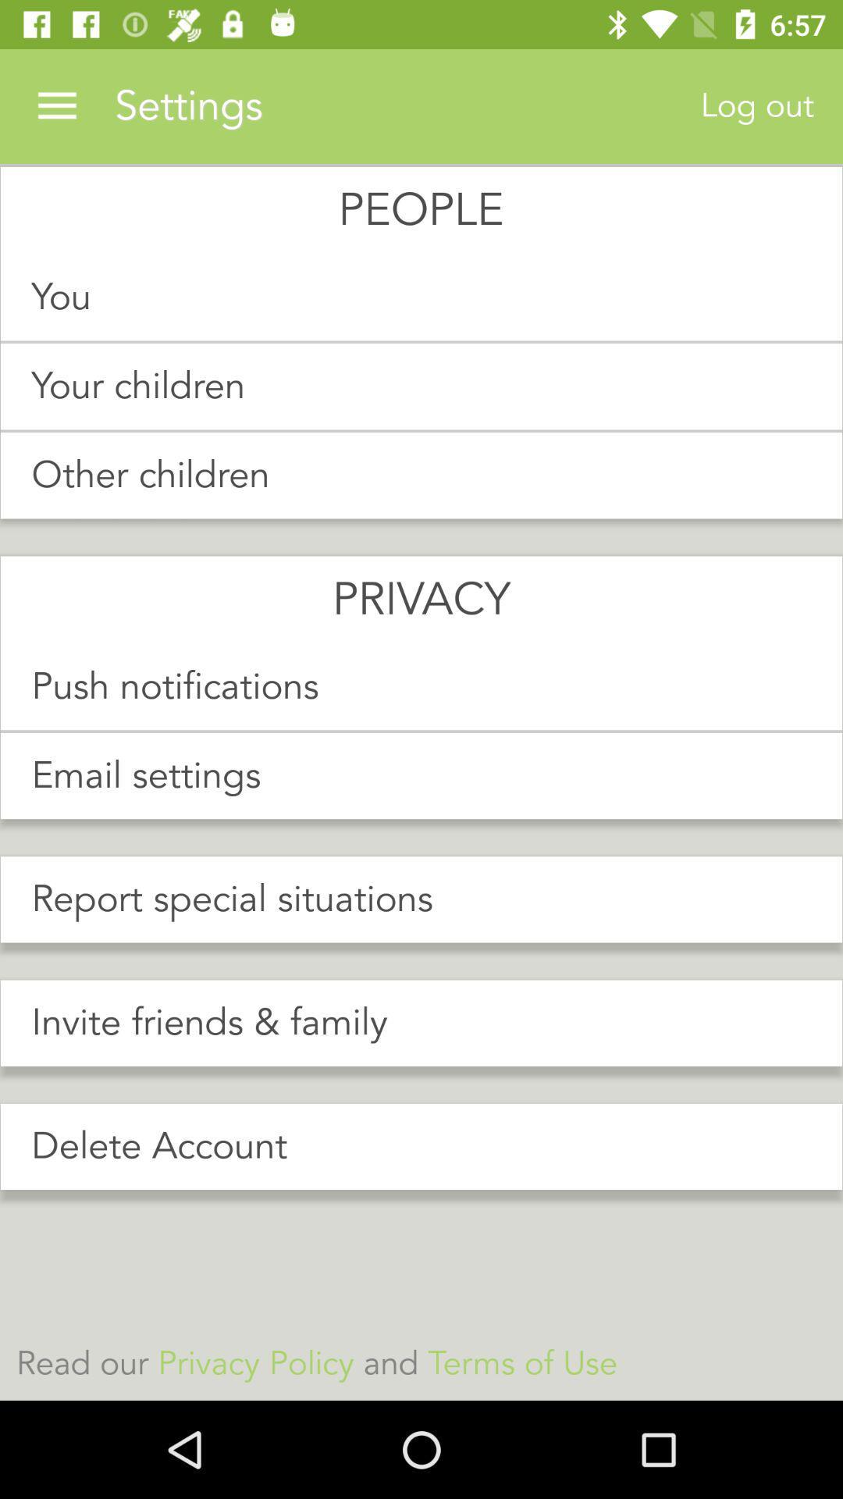 The image size is (843, 1499). What do you see at coordinates (421, 475) in the screenshot?
I see `the other children` at bounding box center [421, 475].